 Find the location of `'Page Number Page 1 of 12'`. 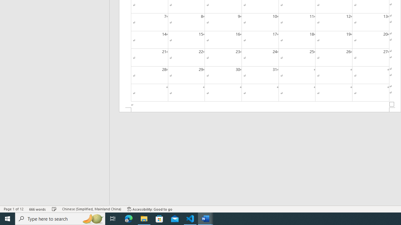

'Page Number Page 1 of 12' is located at coordinates (13, 209).